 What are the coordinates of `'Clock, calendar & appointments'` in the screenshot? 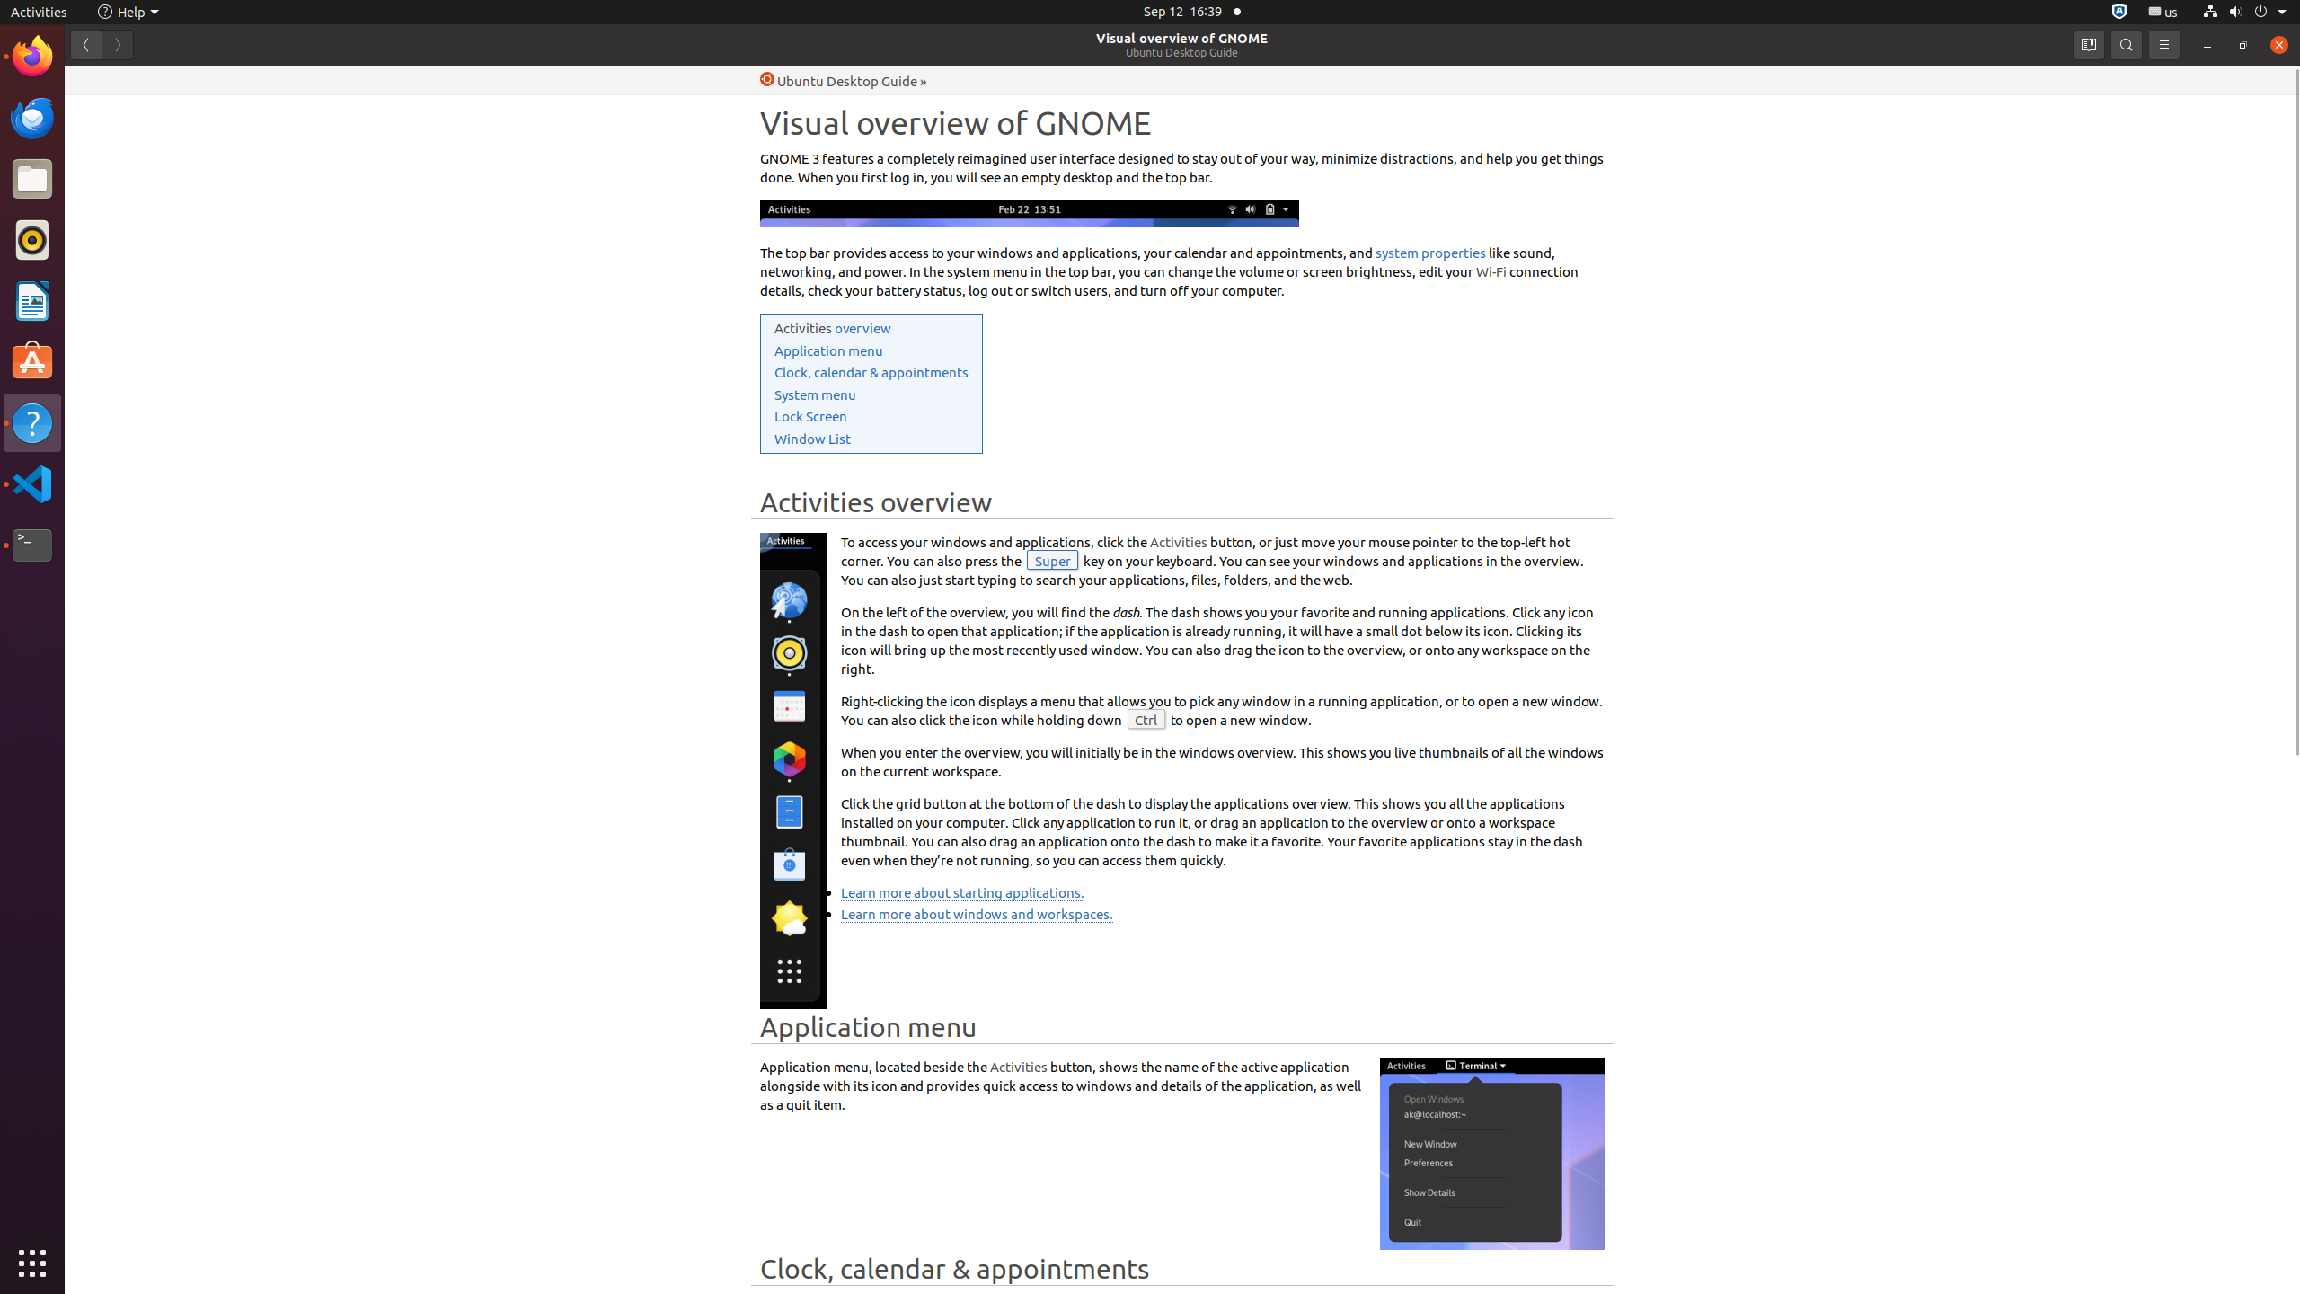 It's located at (871, 371).